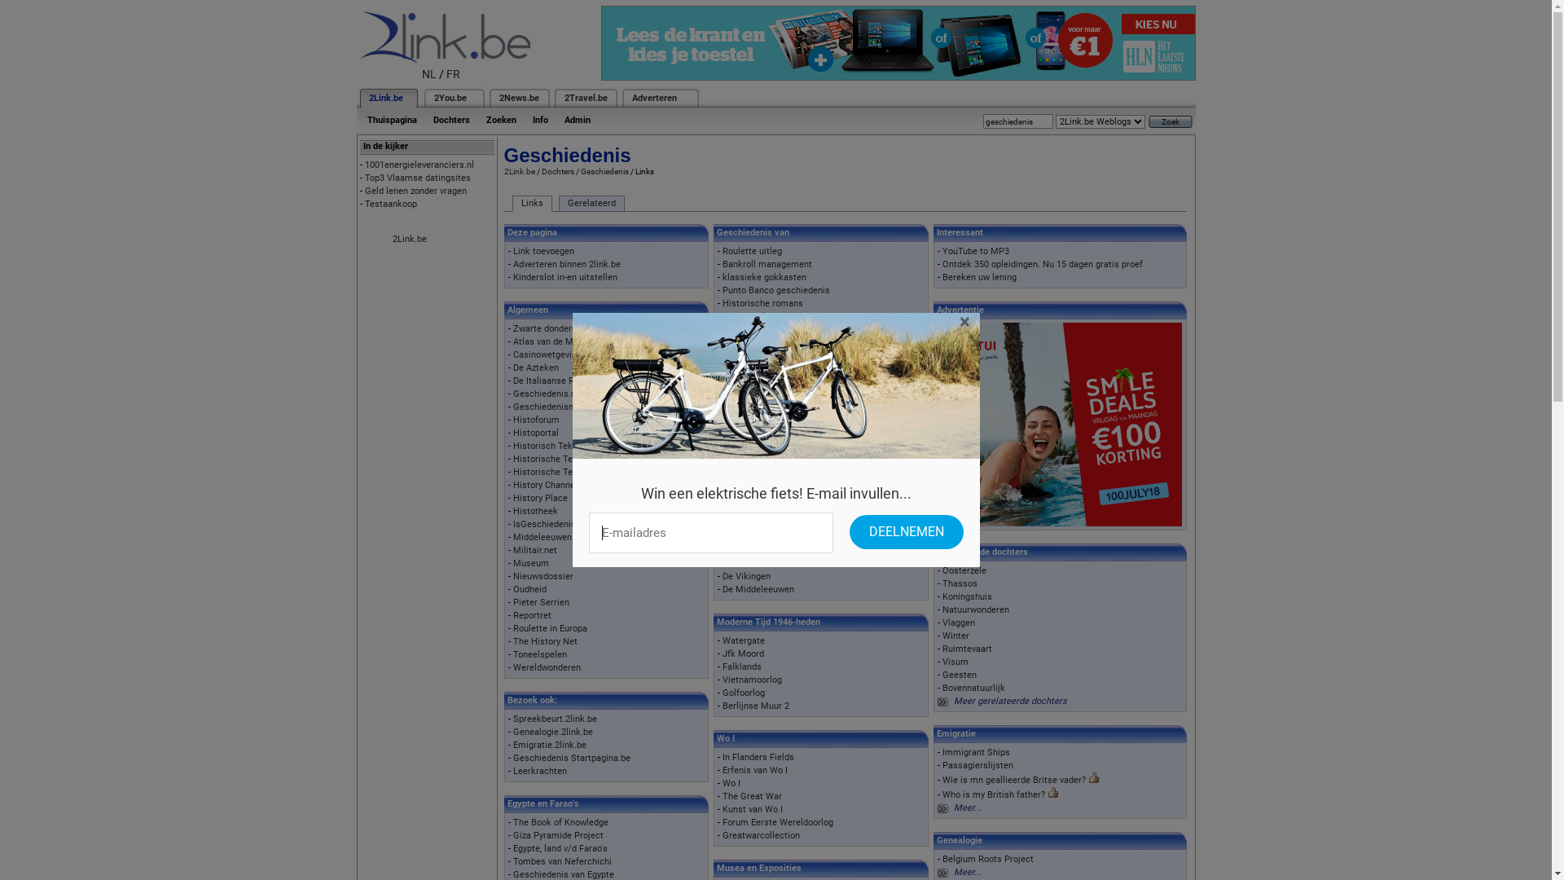 This screenshot has width=1564, height=880. Describe the element at coordinates (591, 203) in the screenshot. I see `'Gerelateerd'` at that location.